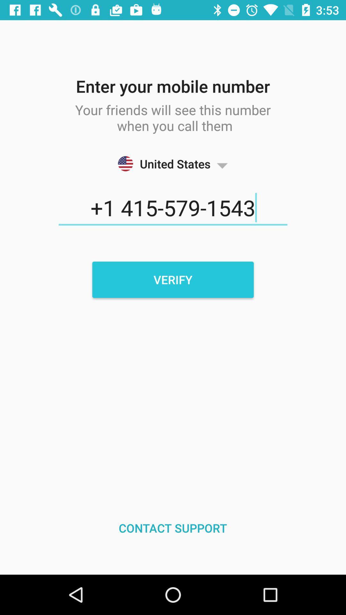 The height and width of the screenshot is (615, 346). I want to click on contact support icon, so click(172, 528).